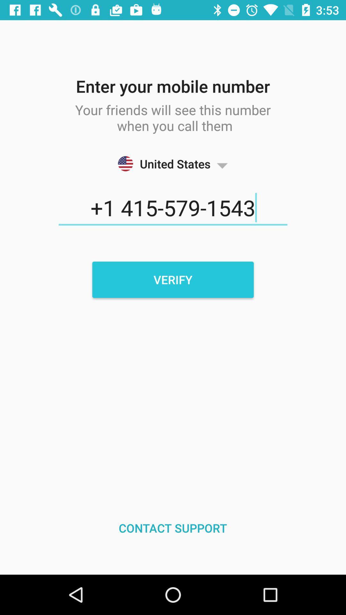 The height and width of the screenshot is (615, 346). I want to click on contact support icon, so click(172, 528).